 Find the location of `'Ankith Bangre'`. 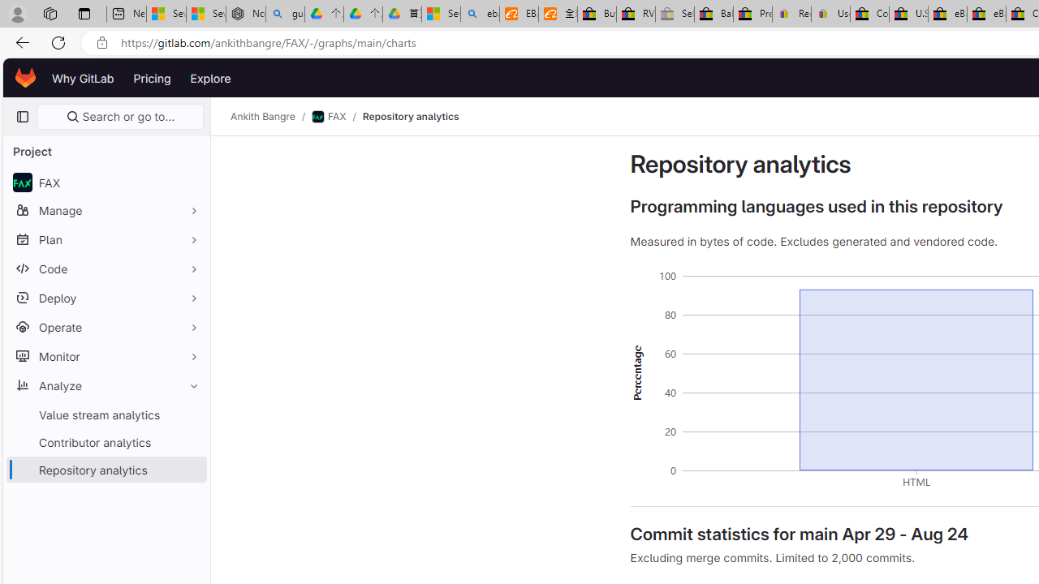

'Ankith Bangre' is located at coordinates (262, 116).